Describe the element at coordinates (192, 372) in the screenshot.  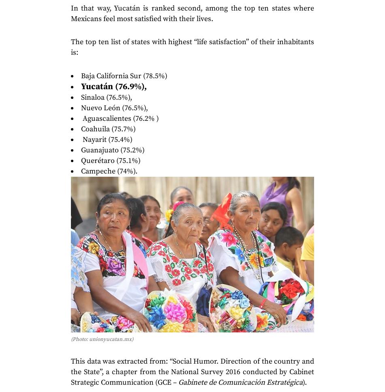
I see `'This data was extracted from: “Social Humor. Direction of the country and the State”, a chapter from the National Survey 2016 conducted by Cabinet Strategic Communication (GCE –'` at that location.